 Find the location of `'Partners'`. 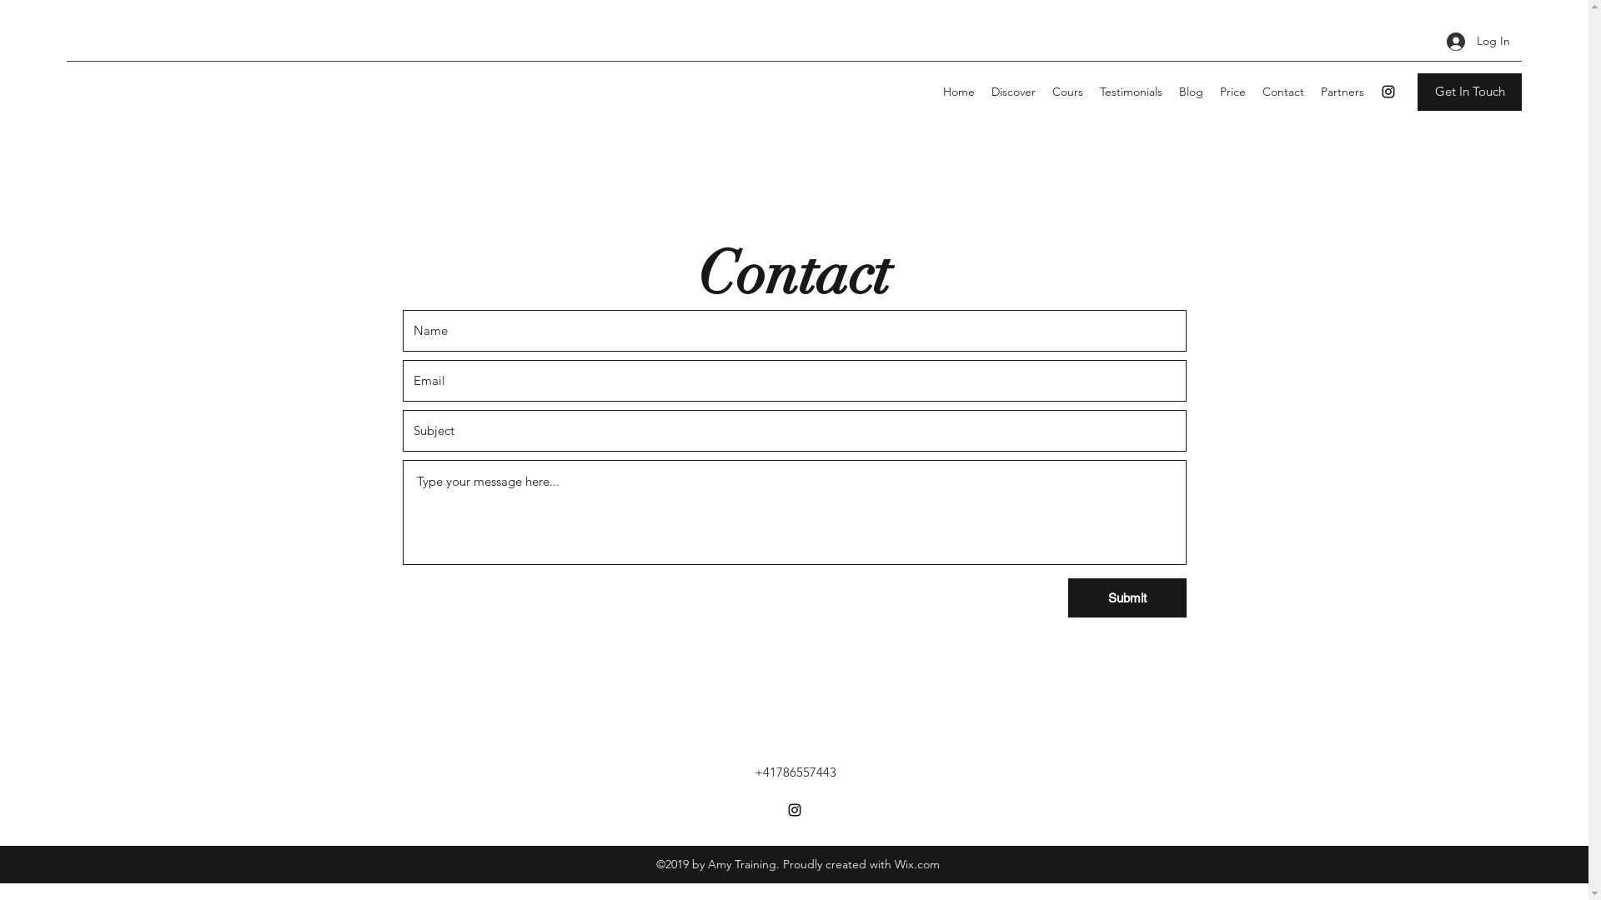

'Partners' is located at coordinates (1342, 92).